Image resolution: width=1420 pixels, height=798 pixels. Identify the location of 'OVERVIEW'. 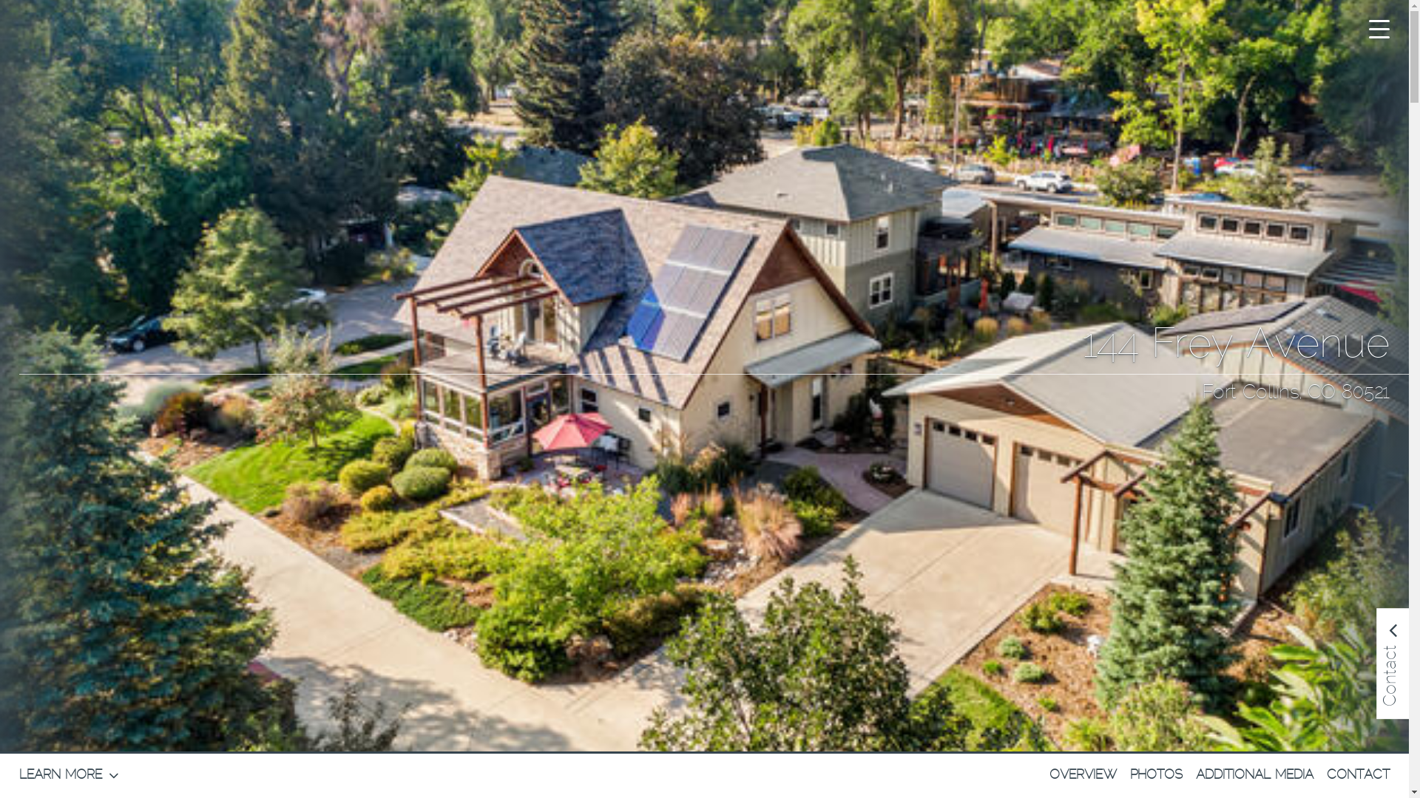
(1083, 774).